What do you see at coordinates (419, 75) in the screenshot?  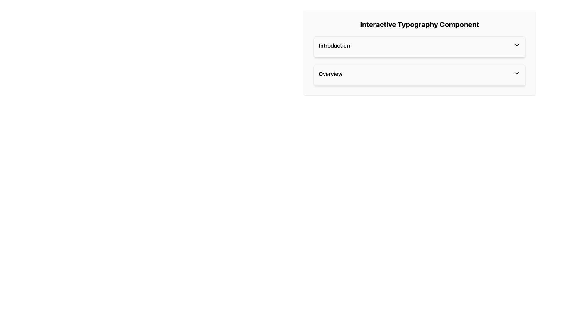 I see `the Dropdown Toggle labeled 'Overview'` at bounding box center [419, 75].